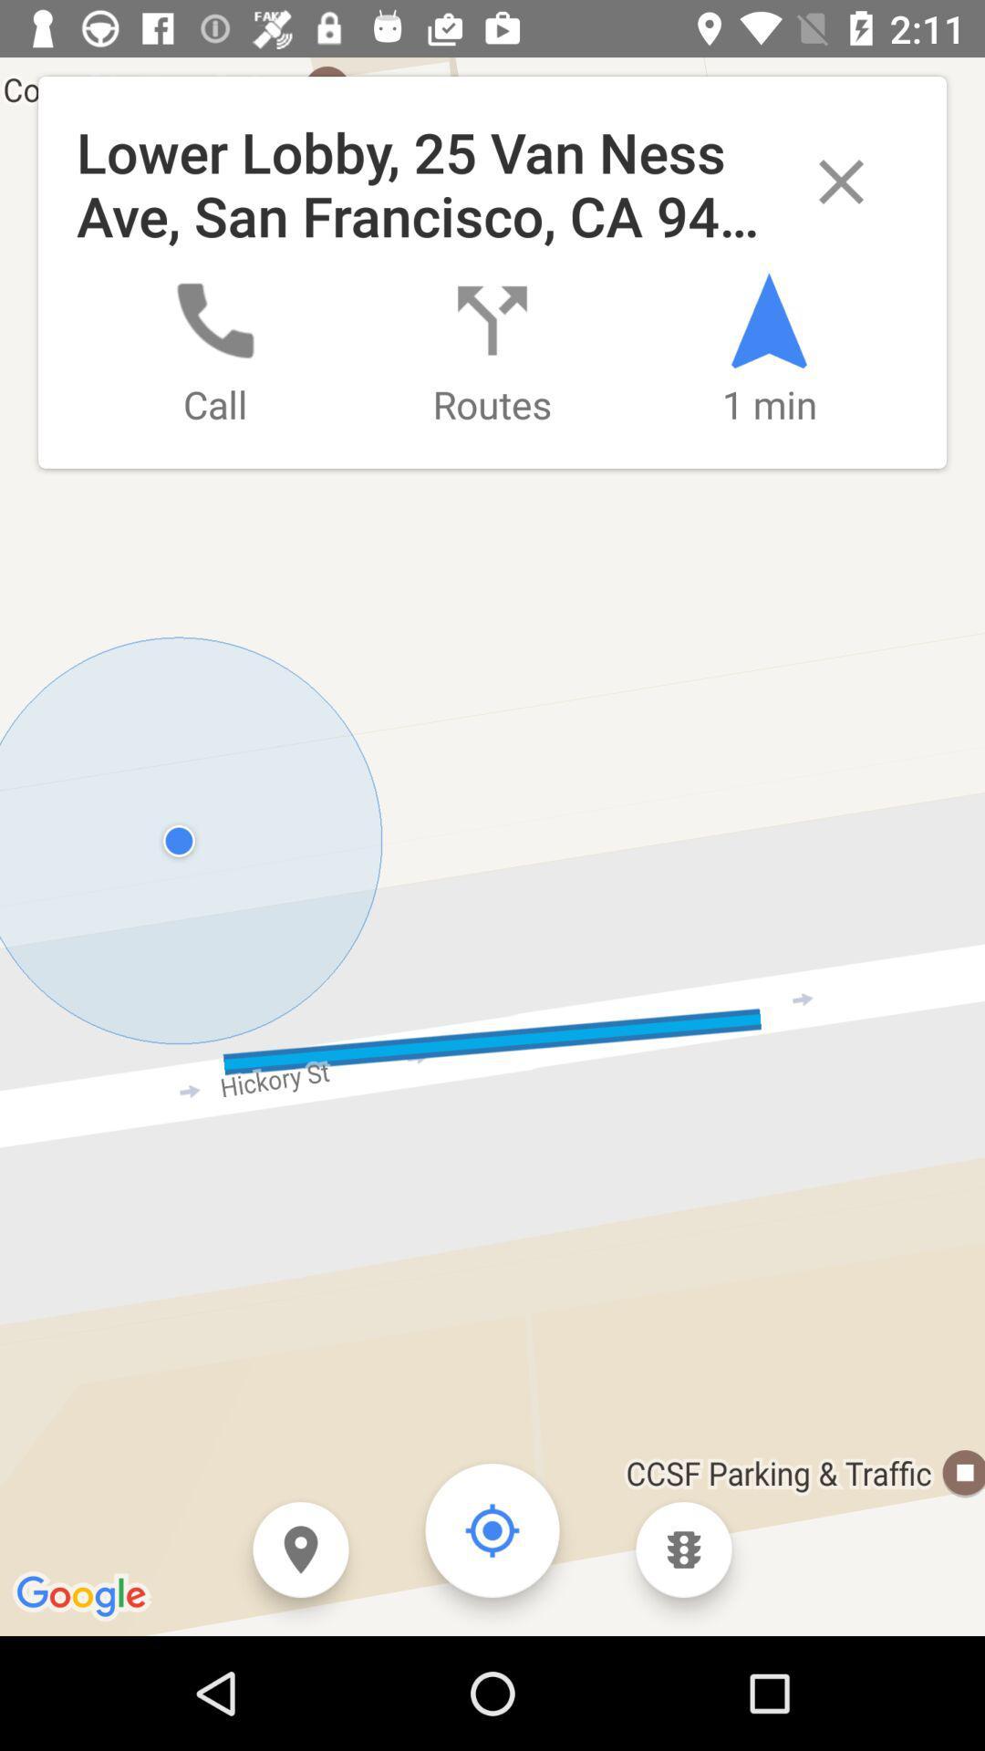 The width and height of the screenshot is (985, 1751). Describe the element at coordinates (493, 271) in the screenshot. I see `the text lower` at that location.